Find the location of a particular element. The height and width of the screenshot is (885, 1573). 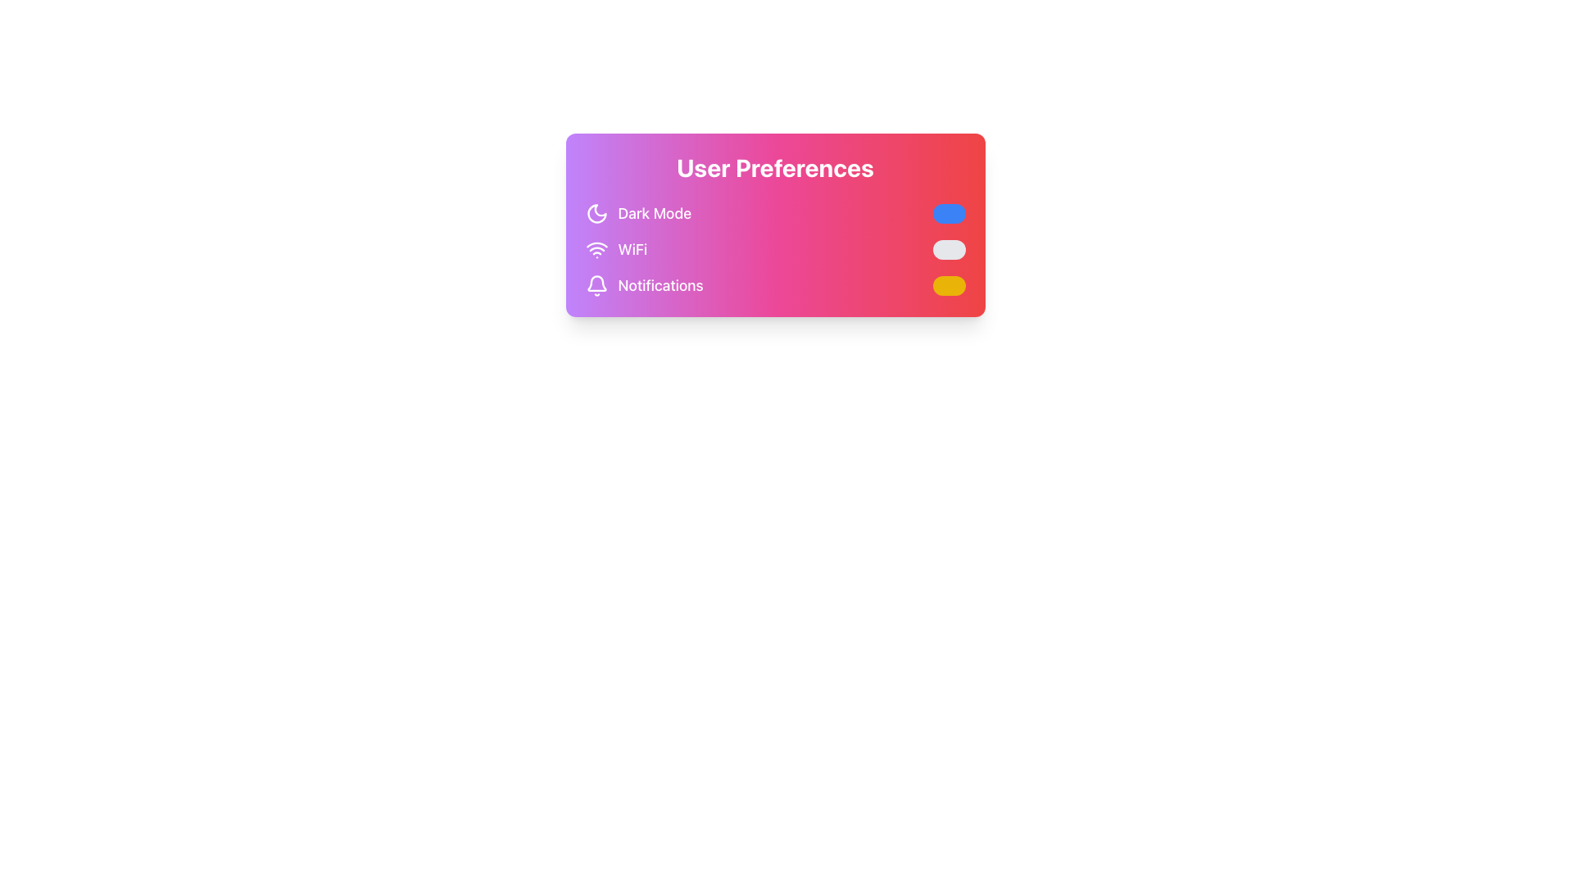

the toggle switch for 'Notifications' located at the rightmost end of the 'User Preferences' card is located at coordinates (949, 284).